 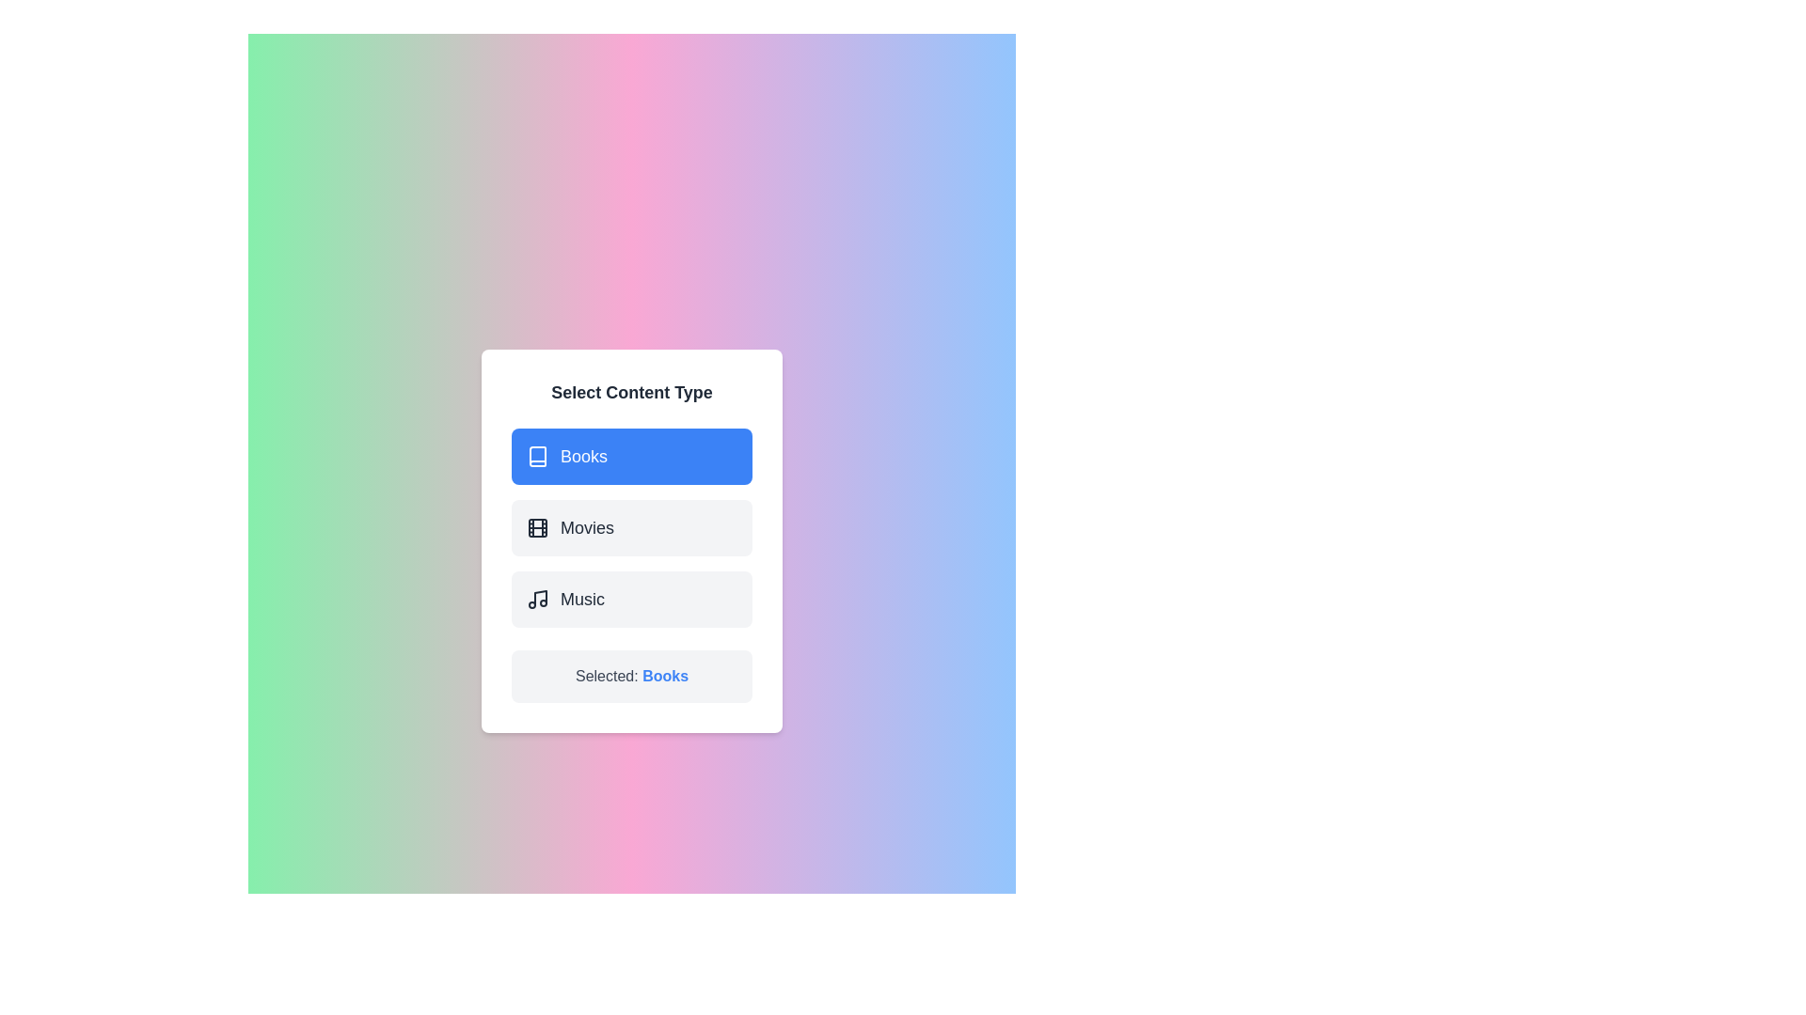 I want to click on the 'Books' text label, which is displayed in bold white font on a blue background, located inside a blue button at the top of a list, so click(x=582, y=457).